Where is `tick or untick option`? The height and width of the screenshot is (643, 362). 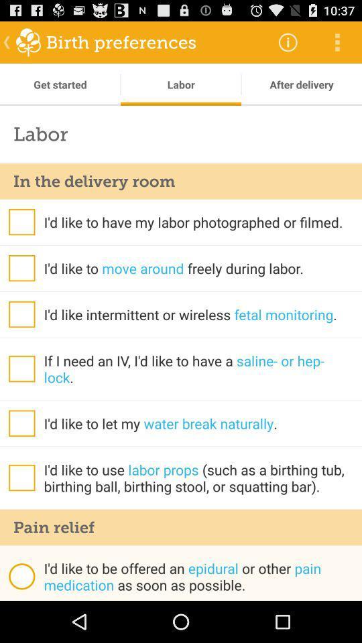
tick or untick option is located at coordinates (21, 478).